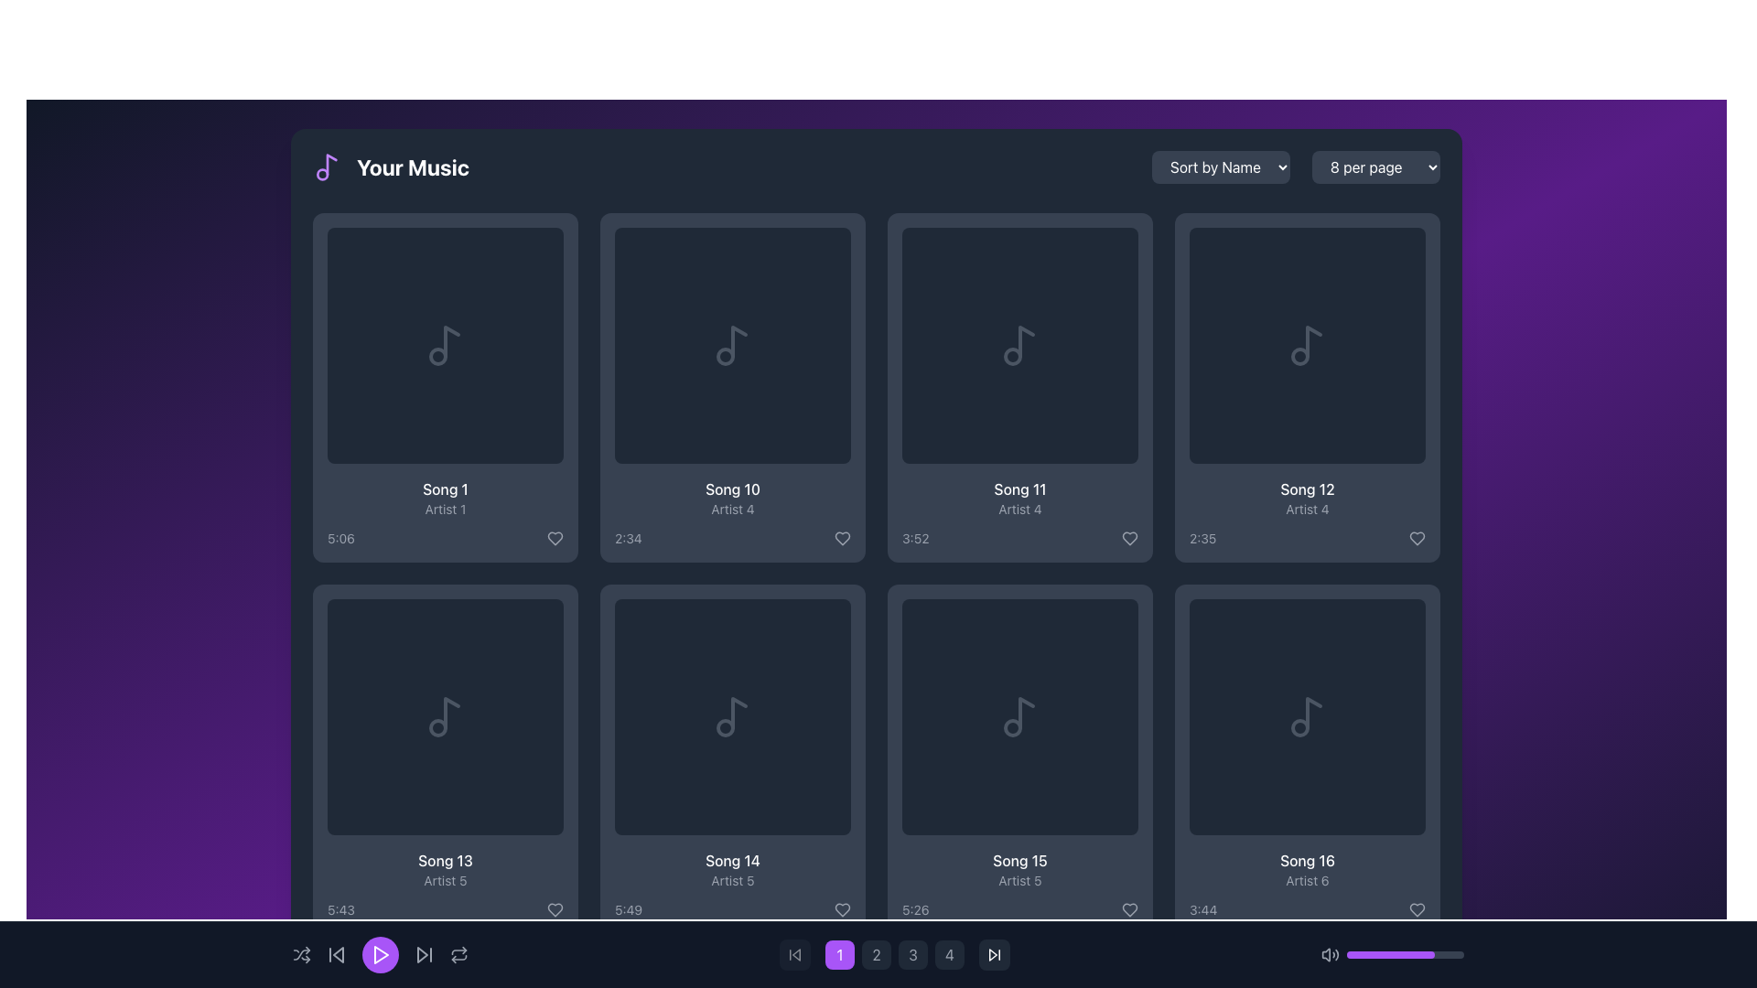  What do you see at coordinates (445, 509) in the screenshot?
I see `the text label displaying 'Artist 1', which is styled with a smaller gray font and positioned beneath 'Song 1' and above '5:06'` at bounding box center [445, 509].